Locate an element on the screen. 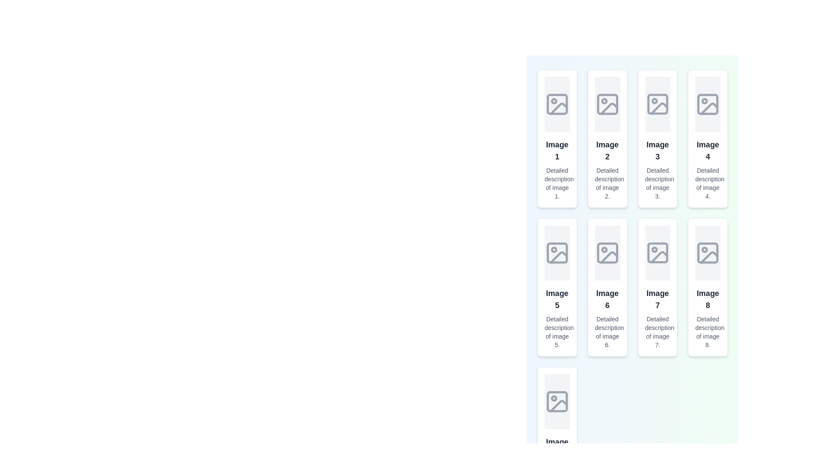  the content of the text label reading 'Image 8' is located at coordinates (708, 299).